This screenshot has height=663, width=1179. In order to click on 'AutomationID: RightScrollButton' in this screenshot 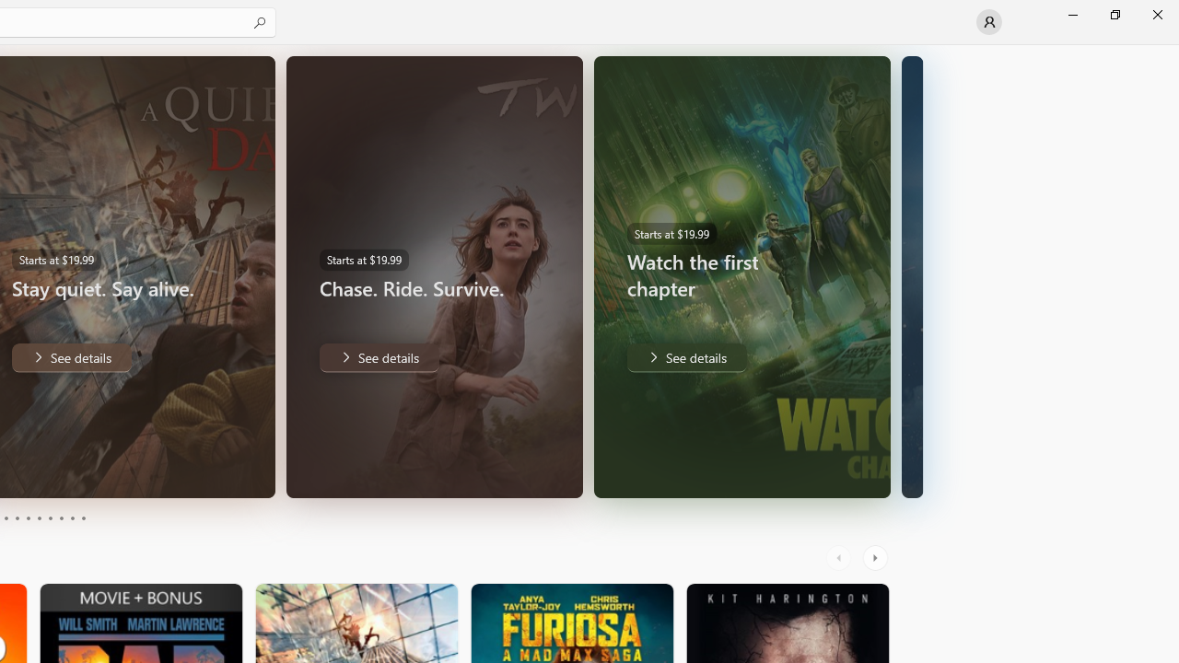, I will do `click(876, 557)`.